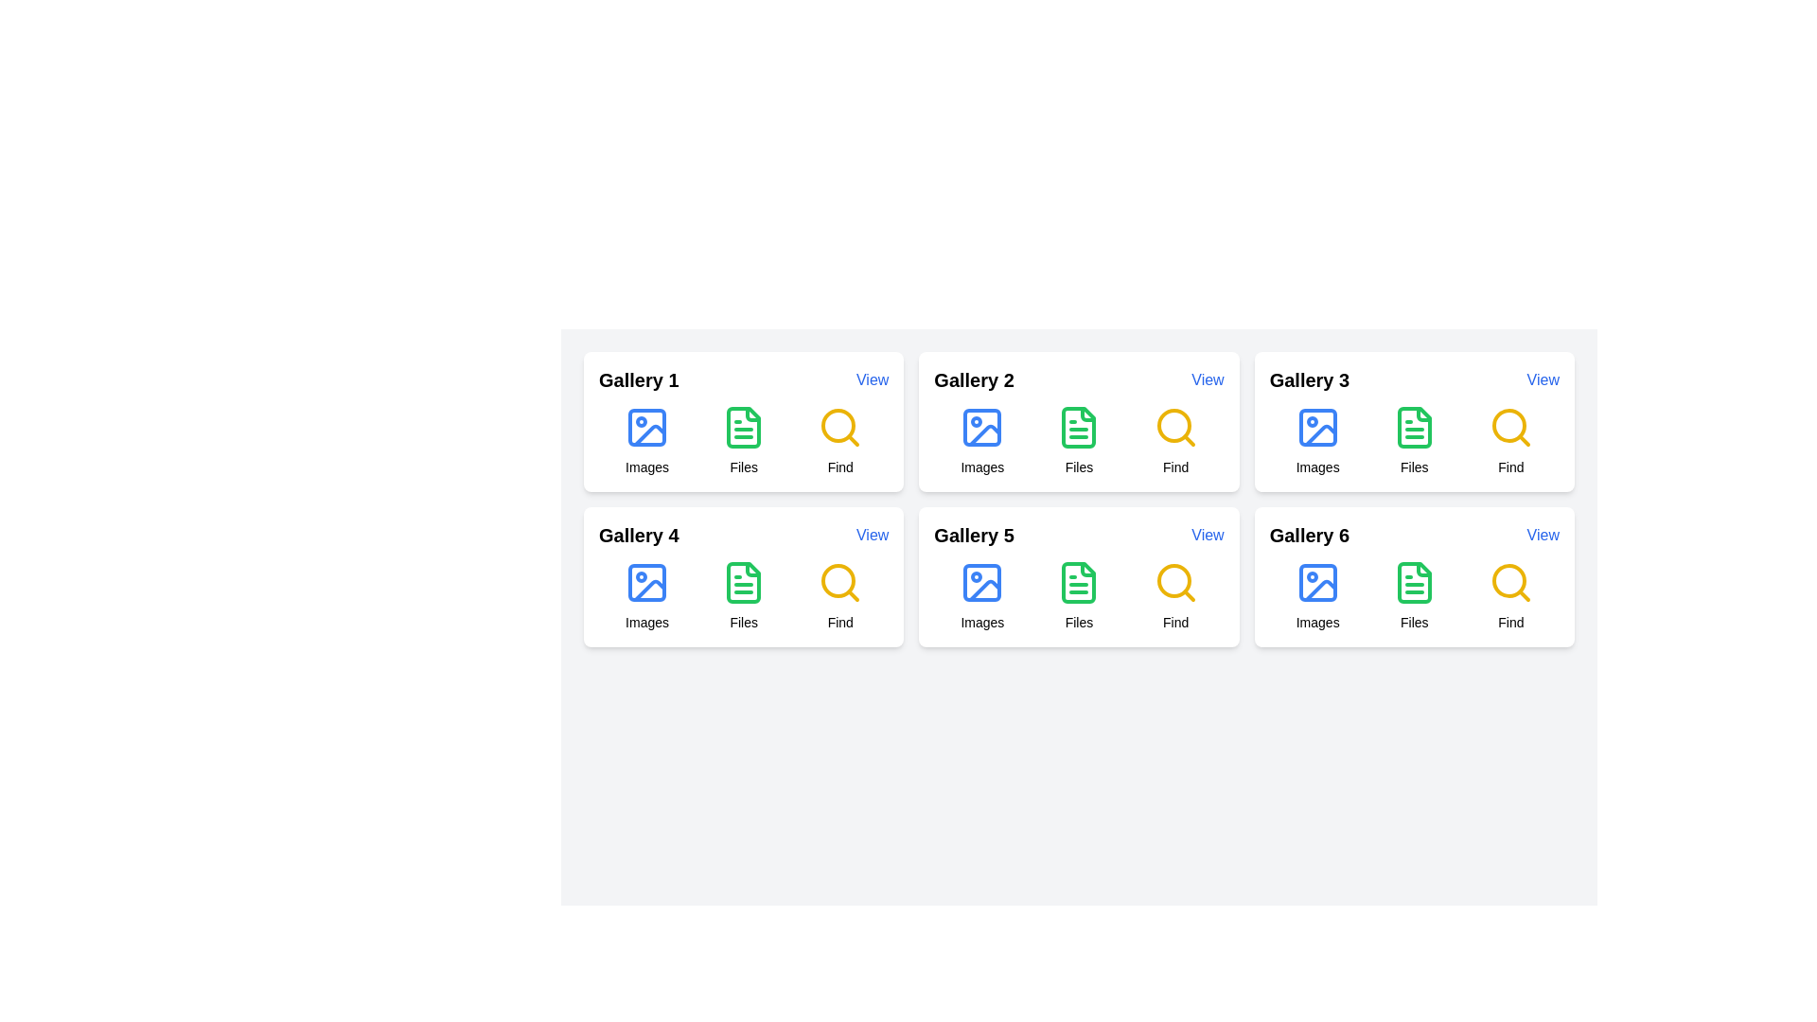 The height and width of the screenshot is (1022, 1817). Describe the element at coordinates (838, 426) in the screenshot. I see `the 'Find' icon, which represents the search functionality in the first gallery group` at that location.